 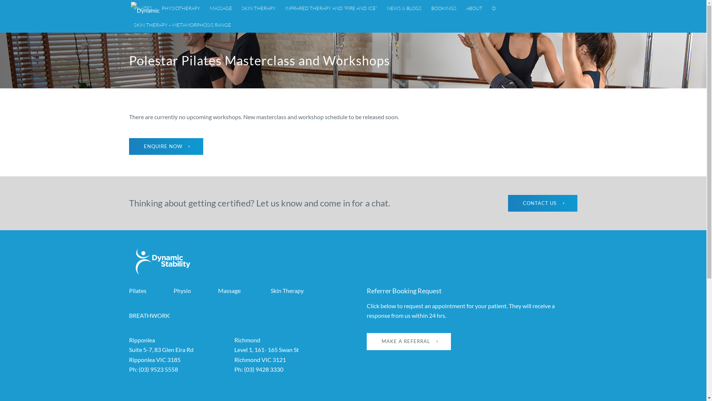 What do you see at coordinates (229, 290) in the screenshot?
I see `'Massage'` at bounding box center [229, 290].